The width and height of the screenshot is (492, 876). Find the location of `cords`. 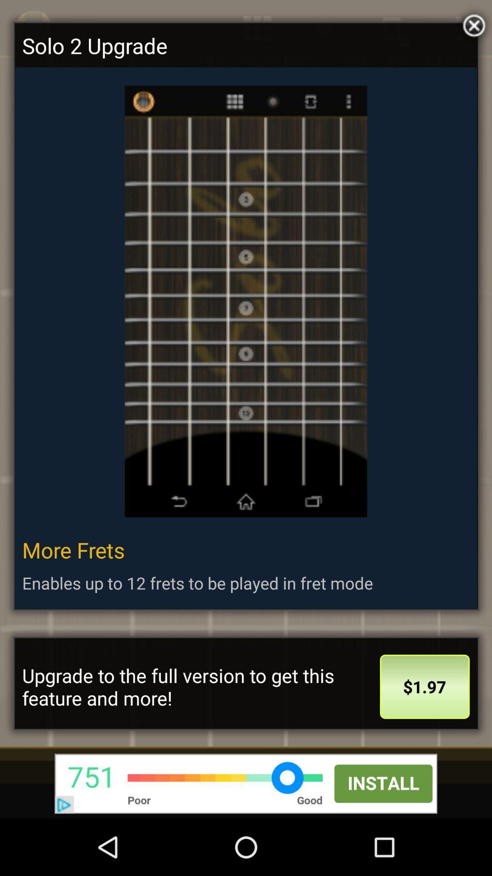

cords is located at coordinates (471, 23).